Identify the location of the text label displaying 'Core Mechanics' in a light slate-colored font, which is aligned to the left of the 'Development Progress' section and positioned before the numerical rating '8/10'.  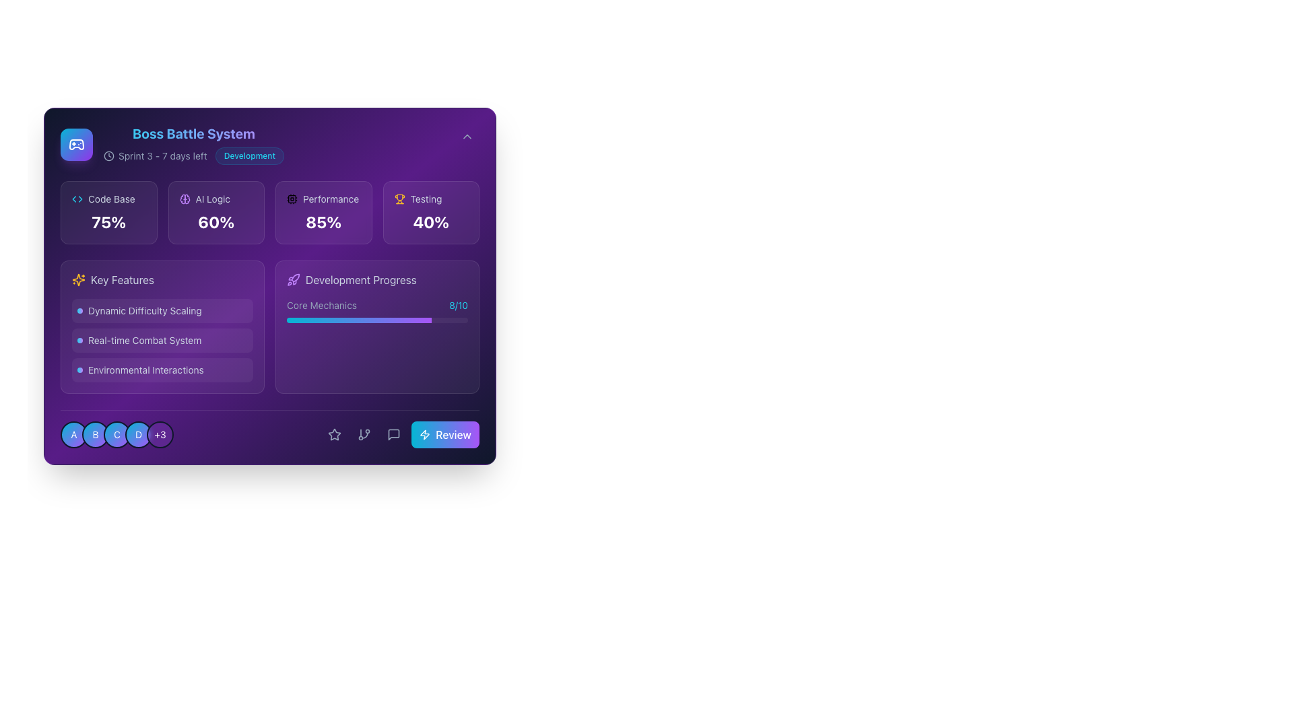
(321, 306).